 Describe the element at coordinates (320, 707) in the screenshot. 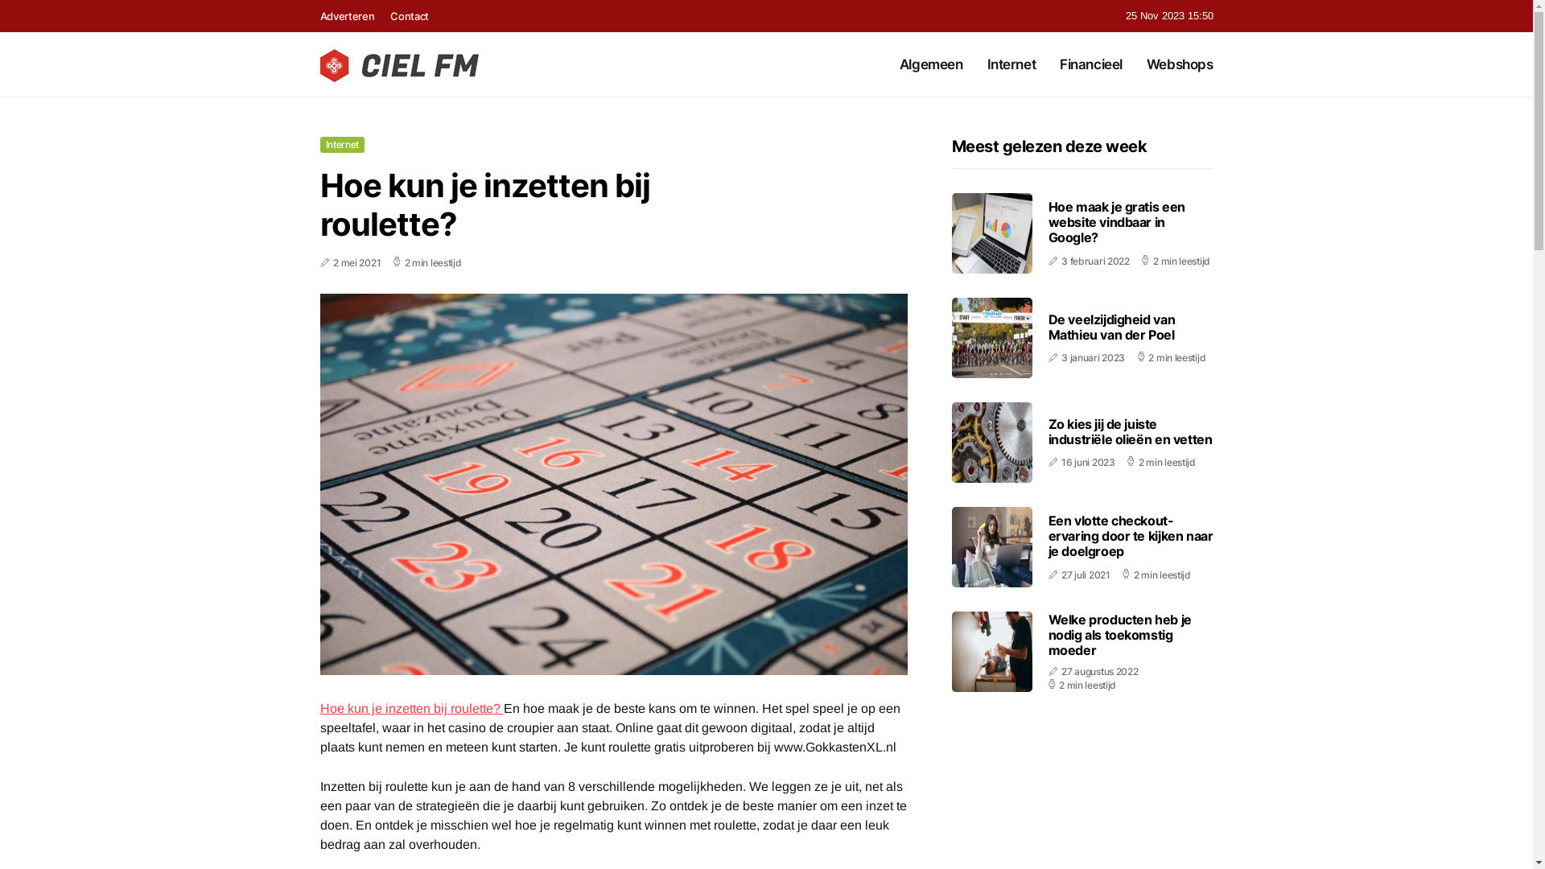

I see `'Hoe kun je inzetten bij roulette?'` at that location.